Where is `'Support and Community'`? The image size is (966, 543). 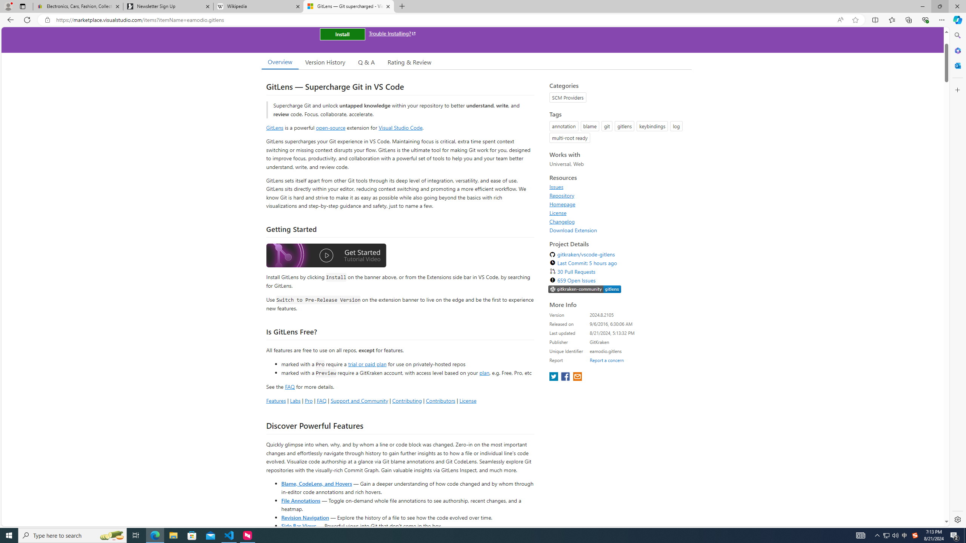
'Support and Community' is located at coordinates (359, 400).